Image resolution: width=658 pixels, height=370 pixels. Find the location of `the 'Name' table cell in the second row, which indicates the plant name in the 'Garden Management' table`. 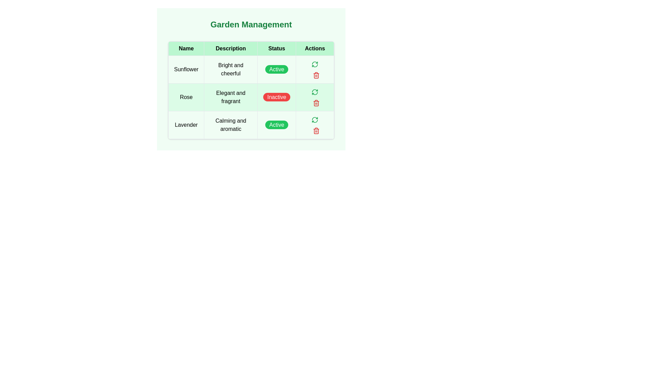

the 'Name' table cell in the second row, which indicates the plant name in the 'Garden Management' table is located at coordinates (186, 97).